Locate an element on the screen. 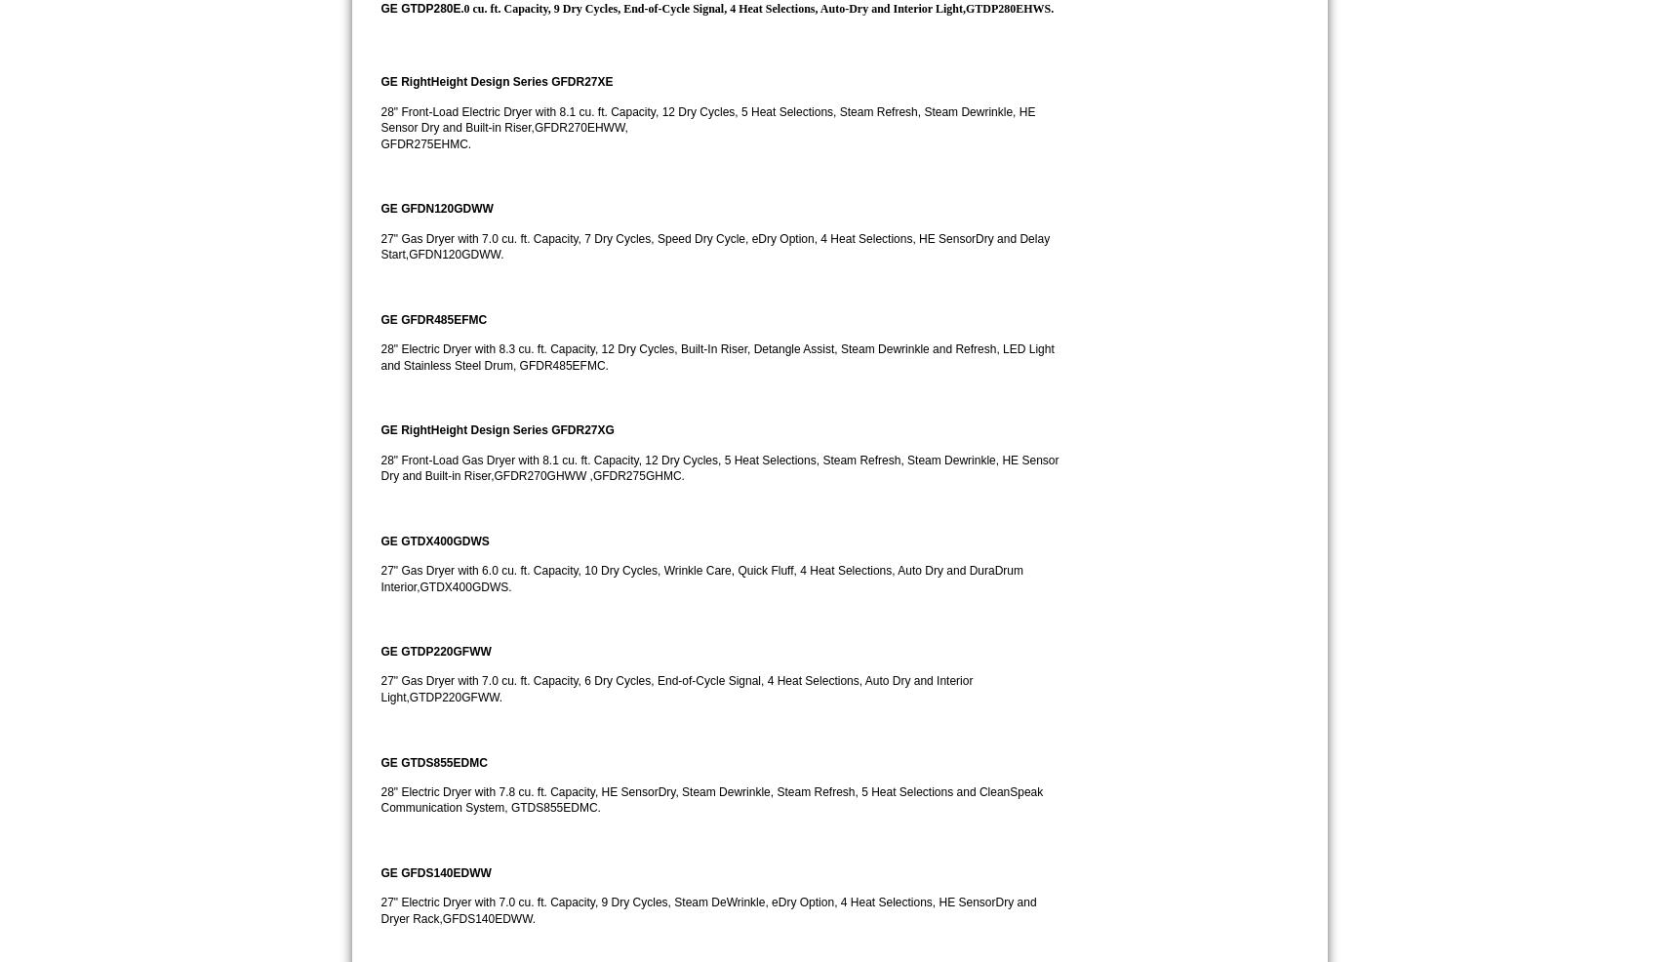 The width and height of the screenshot is (1679, 962). '92154' is located at coordinates (1170, 39).